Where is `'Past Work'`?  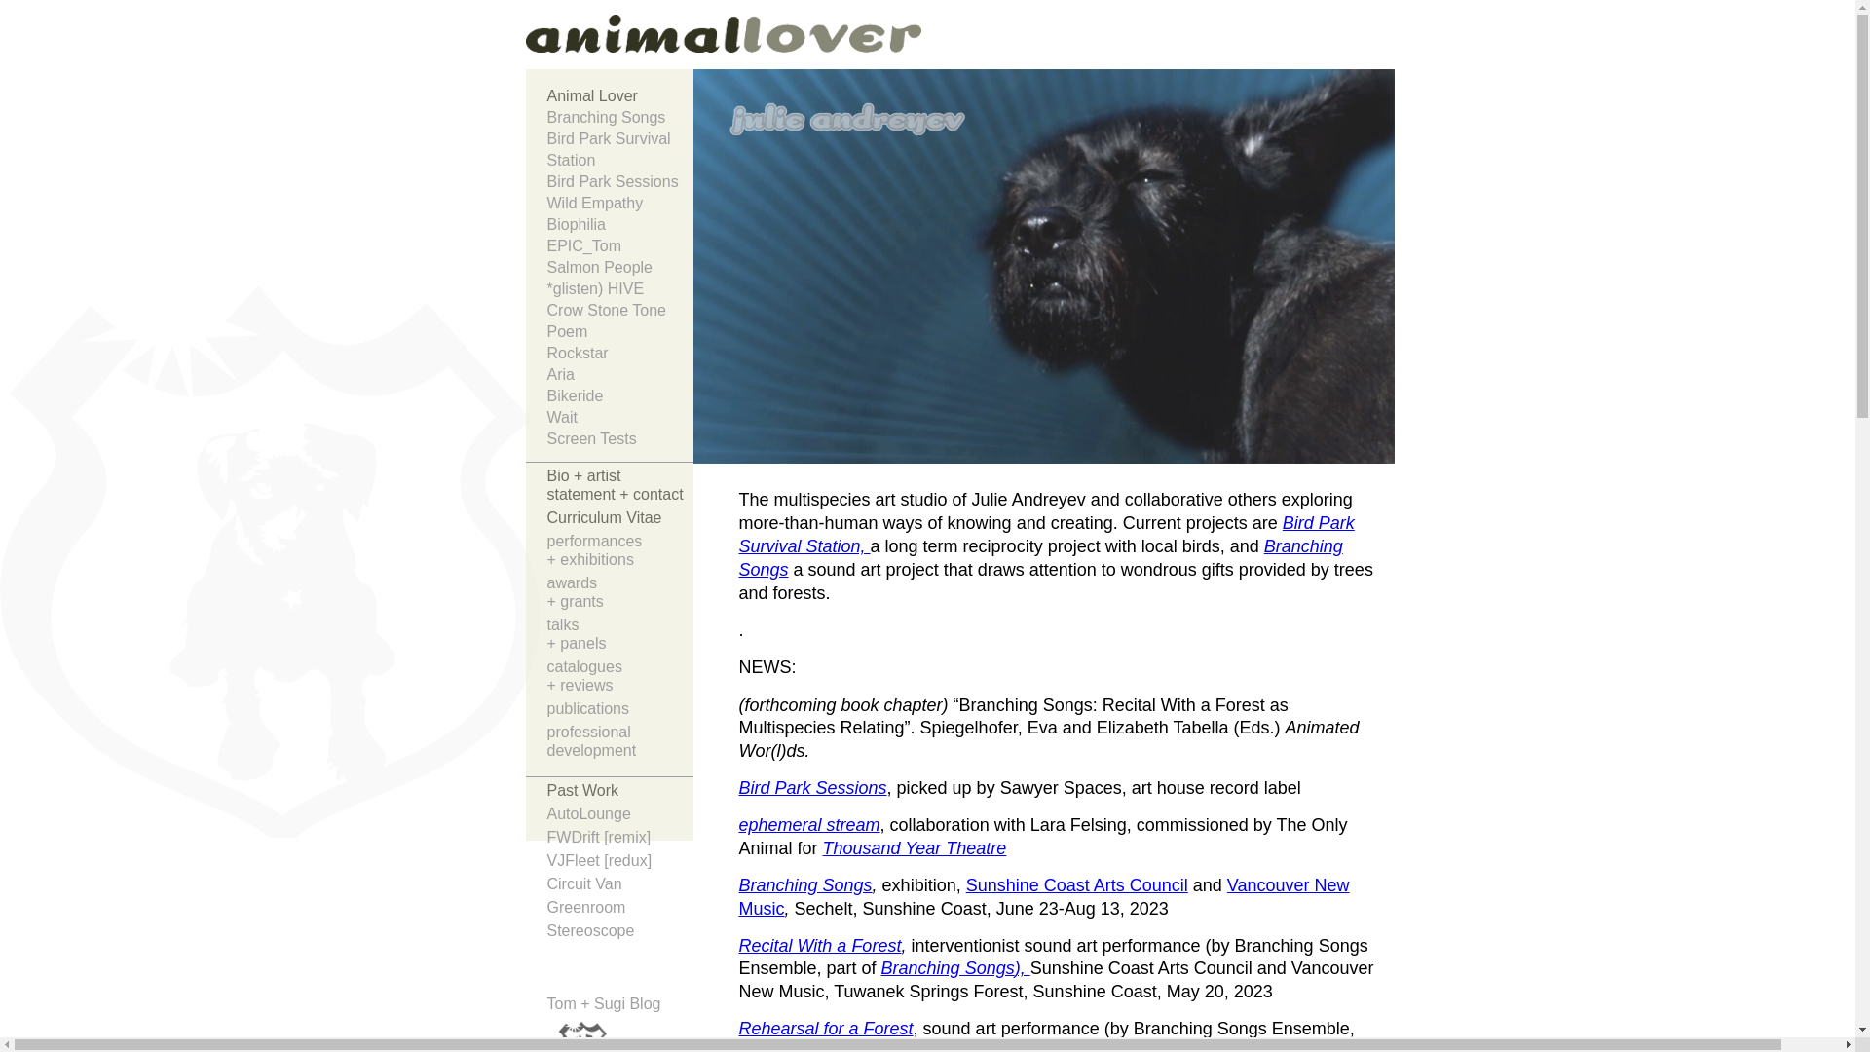 'Past Work' is located at coordinates (619, 792).